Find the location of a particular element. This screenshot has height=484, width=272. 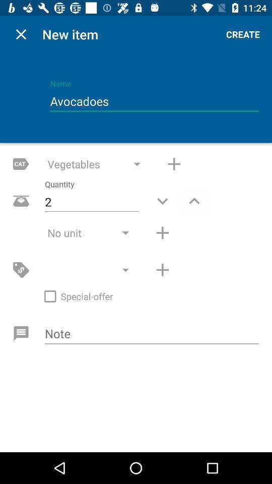

the add icon is located at coordinates (173, 164).